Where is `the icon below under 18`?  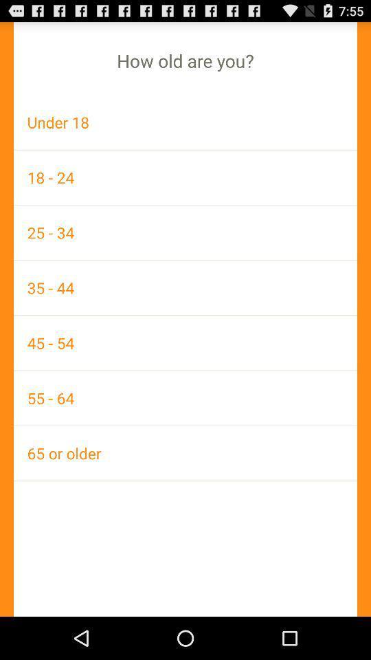 the icon below under 18 is located at coordinates (185, 177).